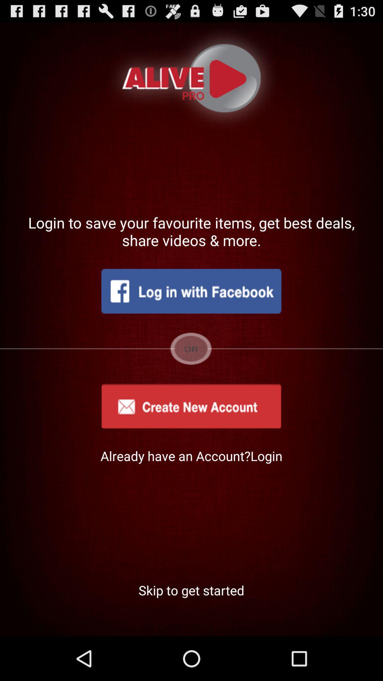 The width and height of the screenshot is (383, 681). I want to click on new account, so click(191, 406).